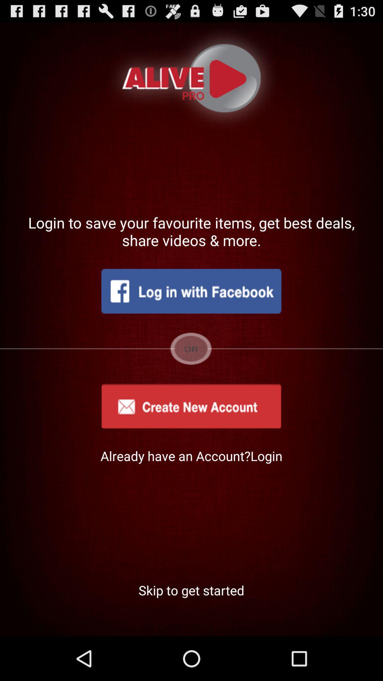 The width and height of the screenshot is (383, 681). I want to click on new account, so click(191, 406).